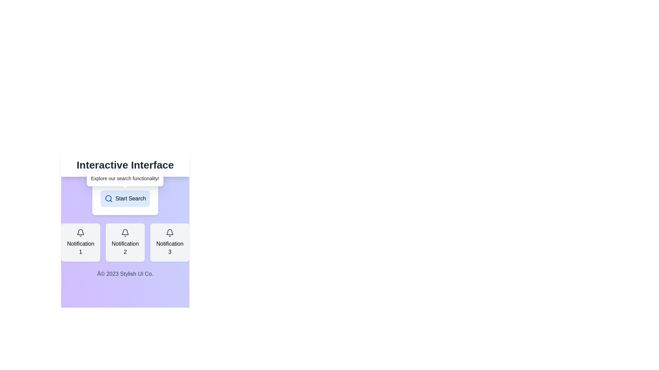 The width and height of the screenshot is (659, 370). I want to click on the text label or heading located at the top center of the interactive card-like area, which serves as the title or header for the section, so click(125, 165).